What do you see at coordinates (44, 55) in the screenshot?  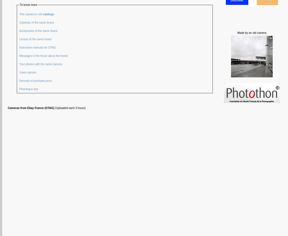 I see `'Messages in the forum about the brand'` at bounding box center [44, 55].